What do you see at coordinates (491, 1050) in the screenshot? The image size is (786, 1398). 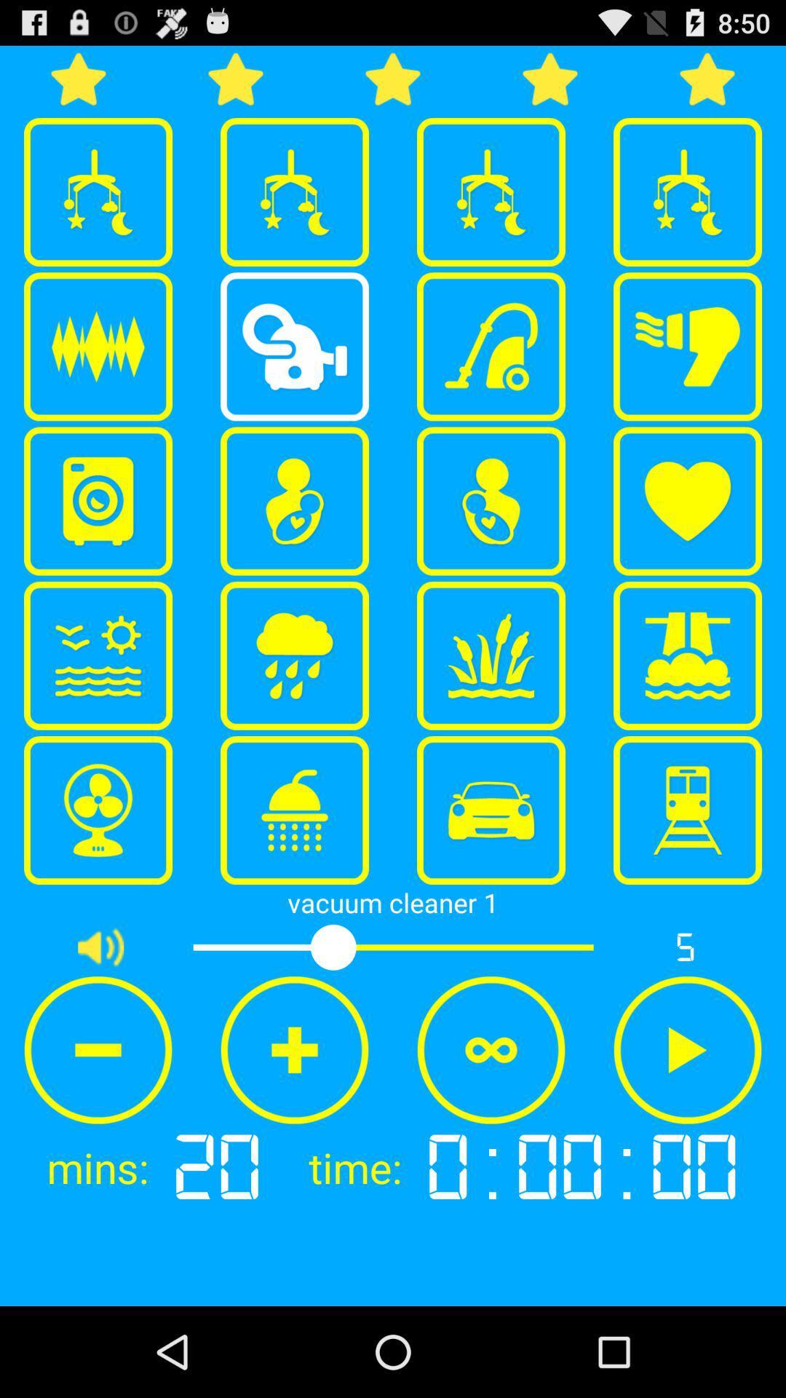 I see `the app above time:` at bounding box center [491, 1050].